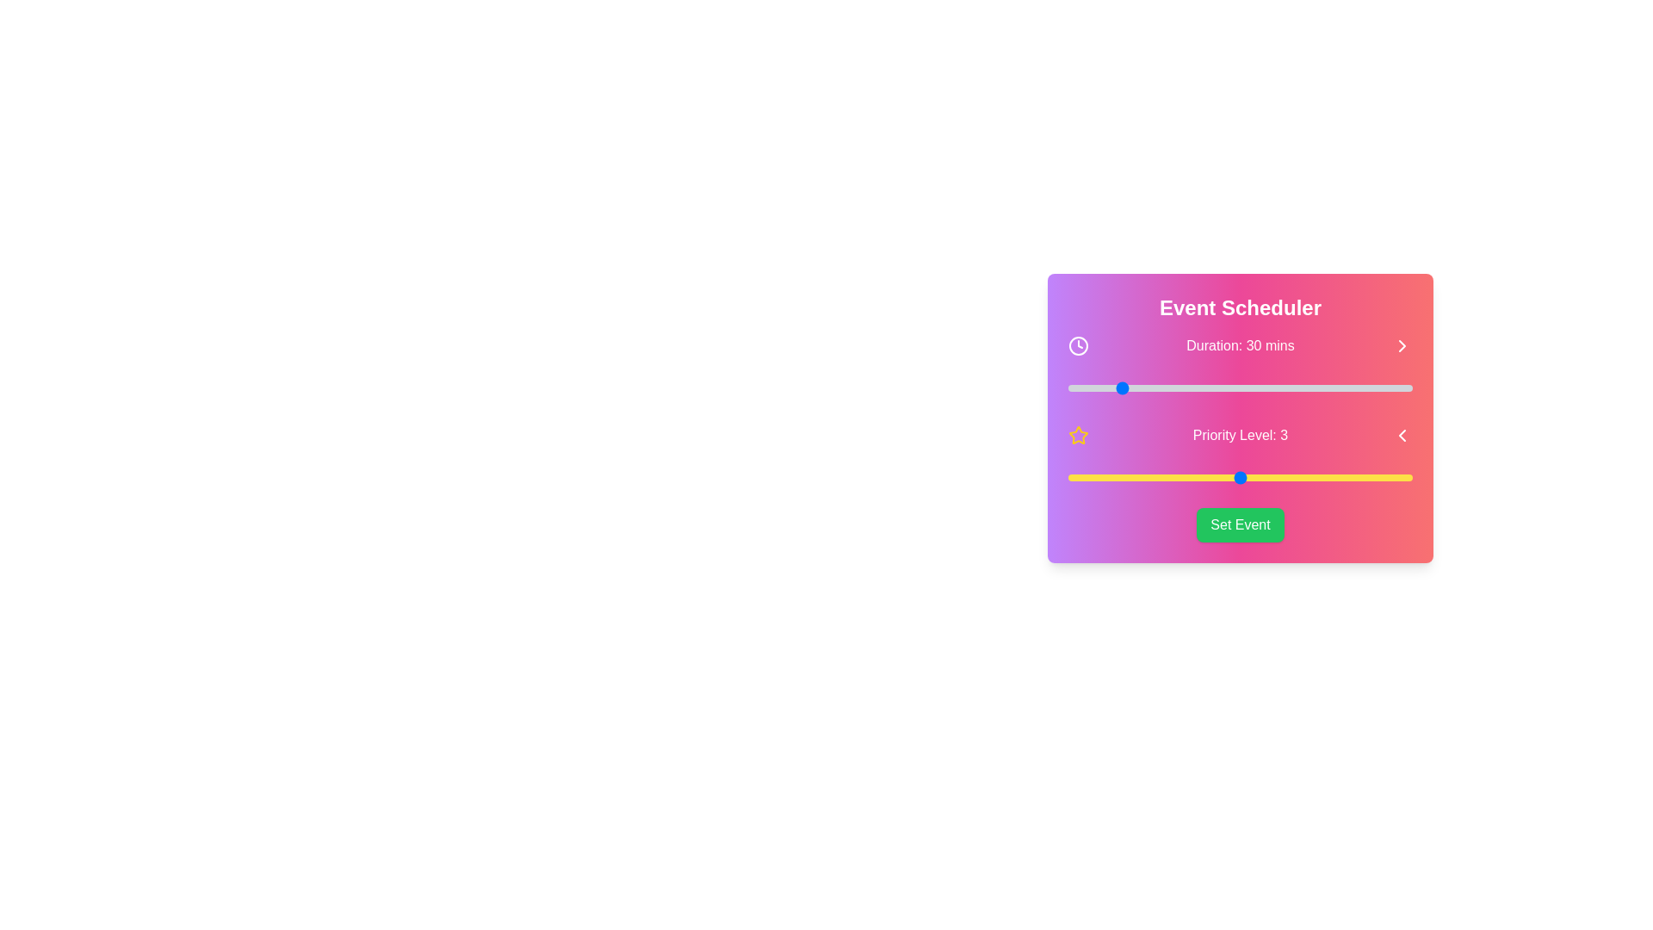 This screenshot has height=930, width=1653. I want to click on the static header text element labeled 'Event Scheduler' located at the top of the card-like structure with a gradient background, so click(1240, 307).